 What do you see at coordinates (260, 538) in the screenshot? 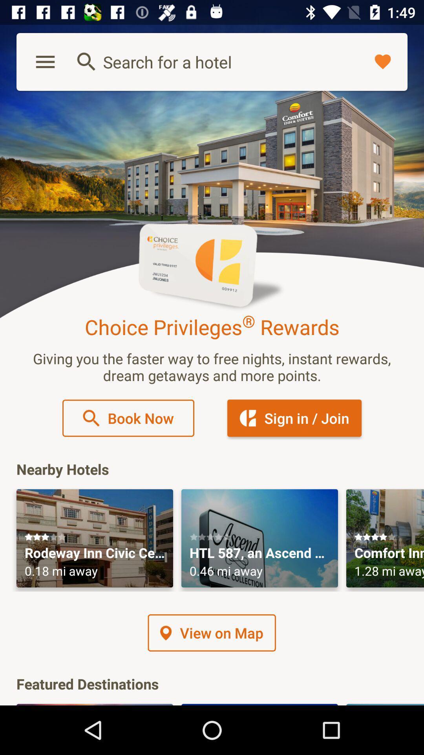
I see `second nearby hotel` at bounding box center [260, 538].